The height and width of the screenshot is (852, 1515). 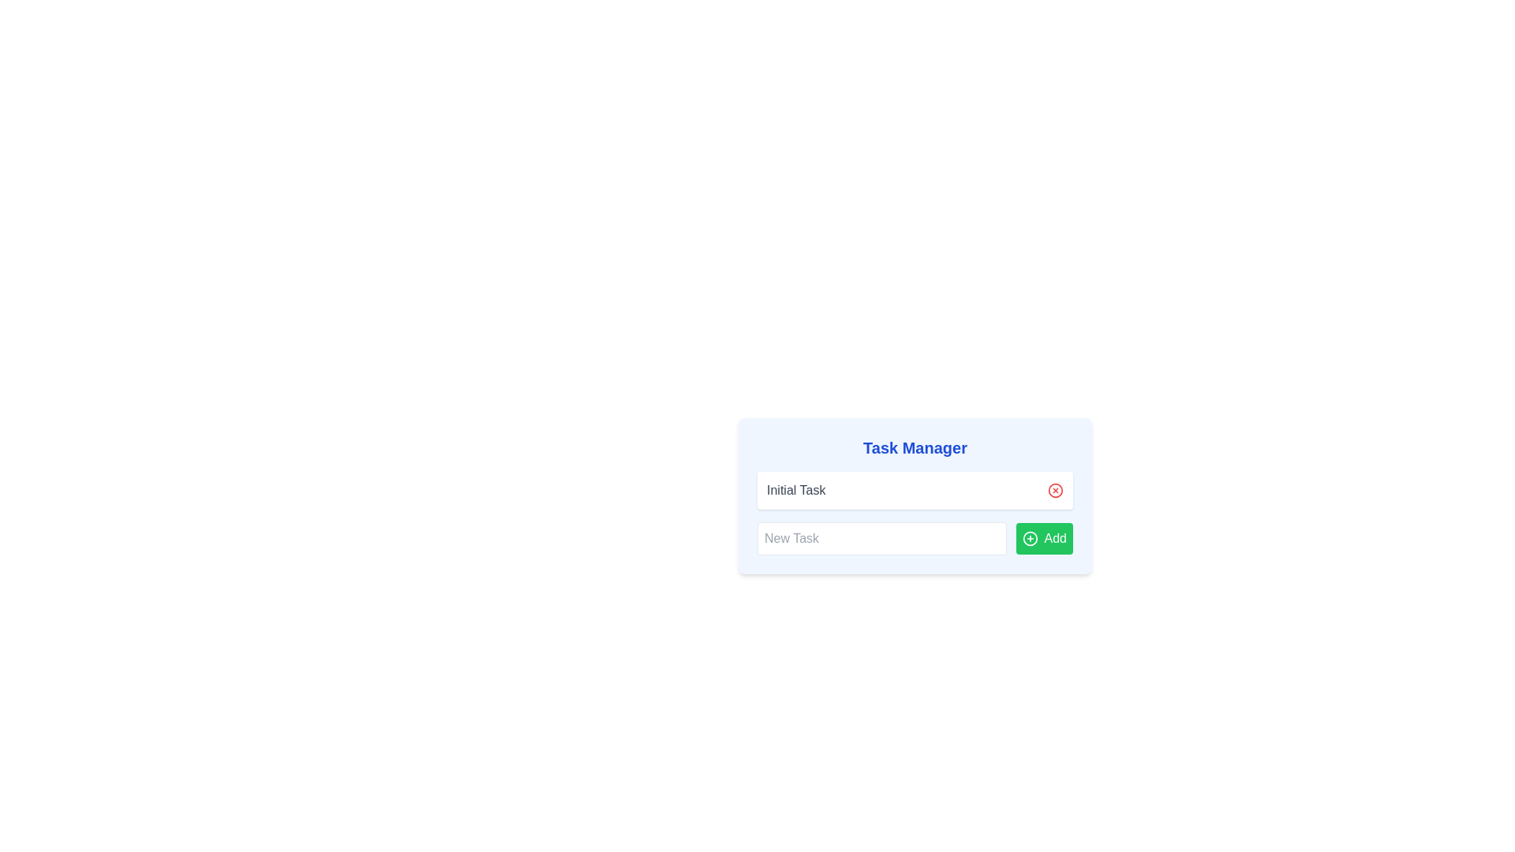 What do you see at coordinates (1044, 537) in the screenshot?
I see `the 'Add' button with a green background and white text` at bounding box center [1044, 537].